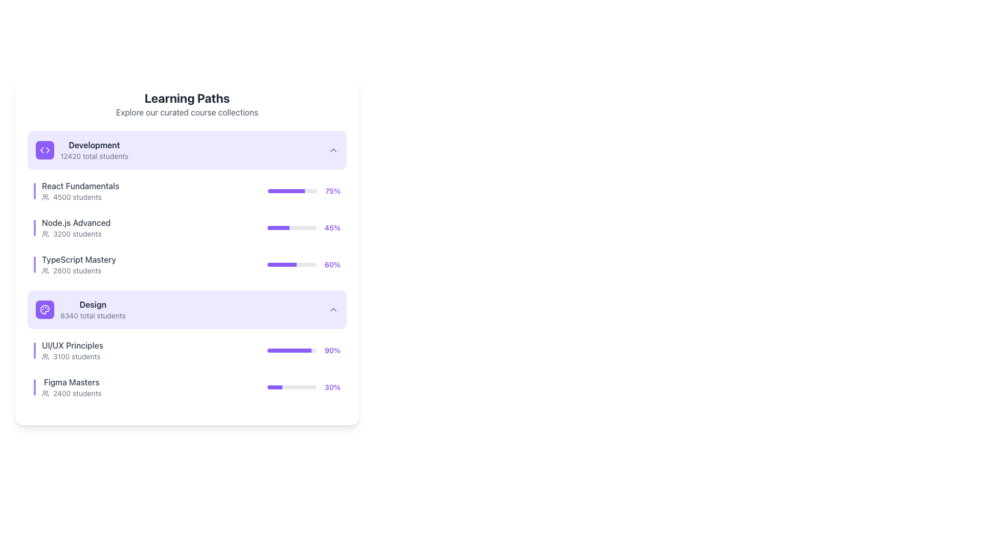  What do you see at coordinates (44, 309) in the screenshot?
I see `the 'Design' category icon located within the violet rectangle, to the left of the text 'Design'` at bounding box center [44, 309].